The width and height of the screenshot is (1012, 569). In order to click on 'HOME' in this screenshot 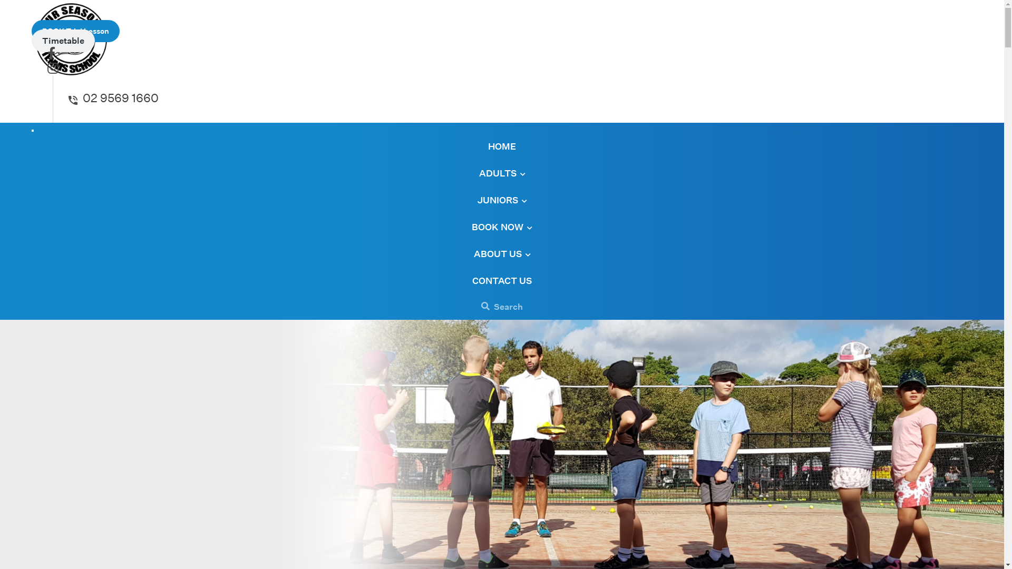, I will do `click(488, 146)`.